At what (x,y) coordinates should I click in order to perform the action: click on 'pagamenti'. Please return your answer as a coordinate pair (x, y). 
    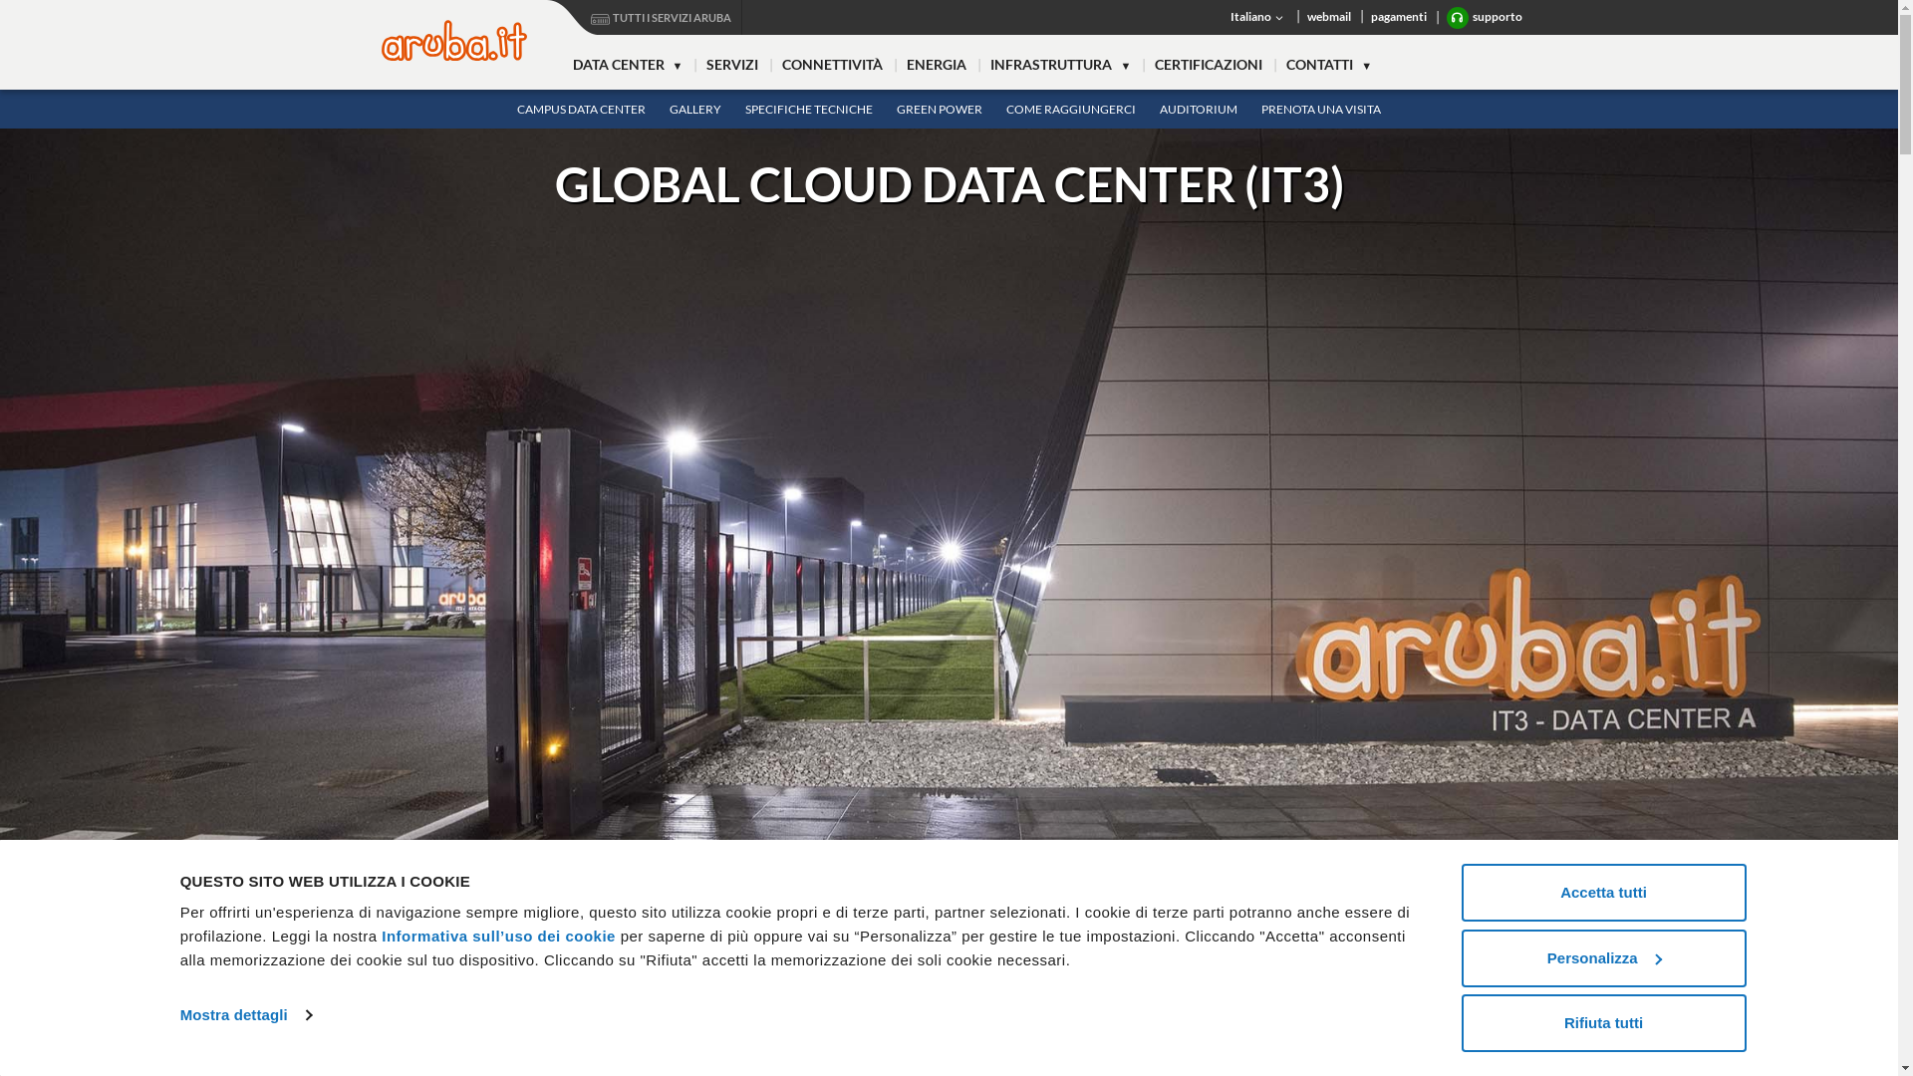
    Looking at the image, I should click on (1360, 16).